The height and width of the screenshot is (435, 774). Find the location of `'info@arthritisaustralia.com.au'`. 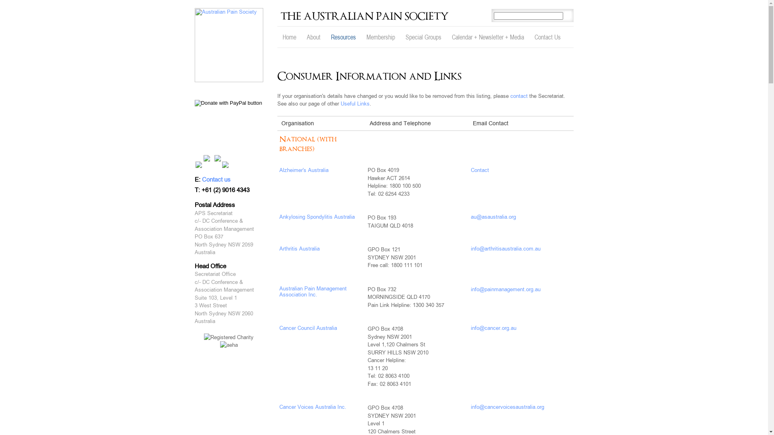

'info@arthritisaustralia.com.au' is located at coordinates (505, 248).